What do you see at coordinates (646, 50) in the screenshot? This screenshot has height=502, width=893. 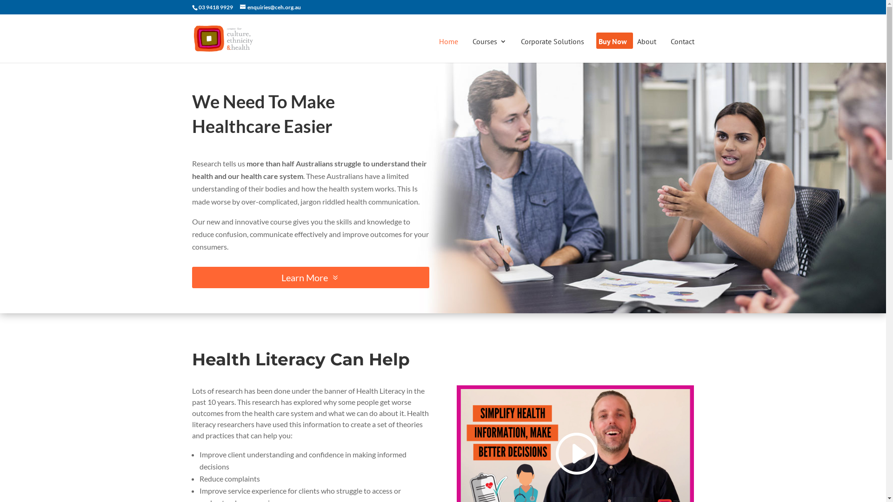 I see `'About'` at bounding box center [646, 50].